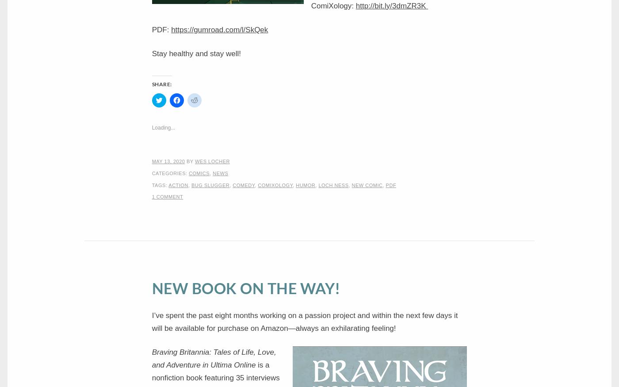 This screenshot has height=387, width=619. What do you see at coordinates (167, 197) in the screenshot?
I see `'1 Comment'` at bounding box center [167, 197].